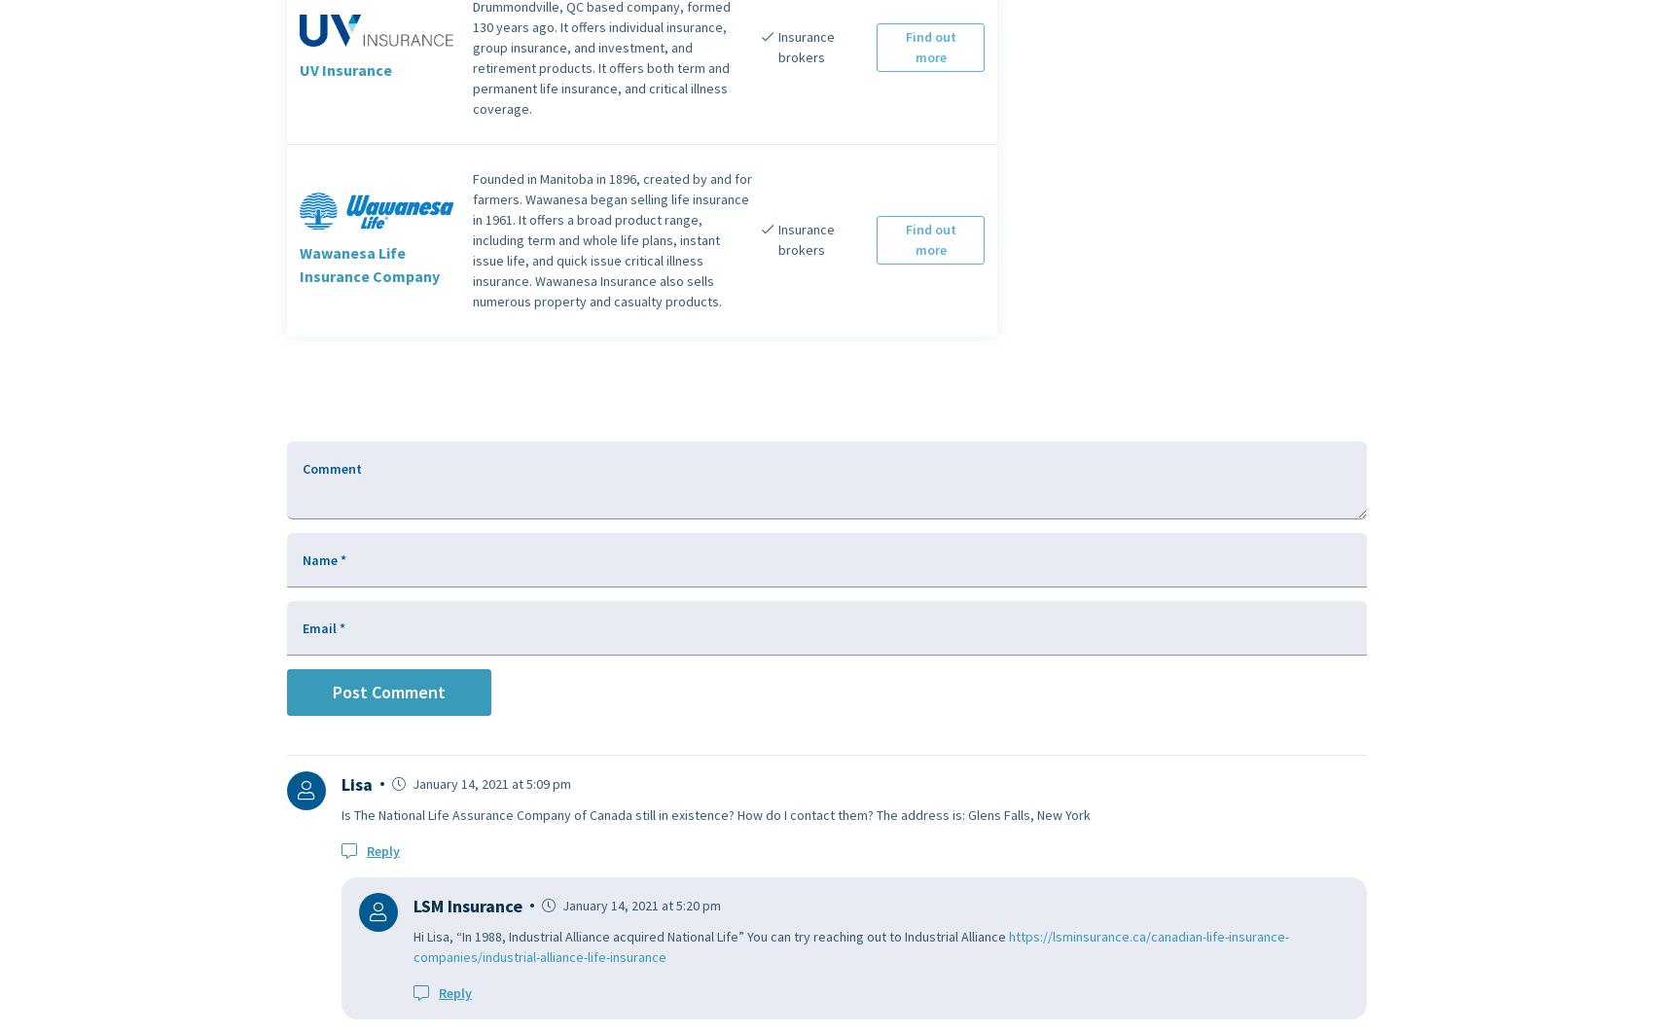  What do you see at coordinates (331, 467) in the screenshot?
I see `'Comment'` at bounding box center [331, 467].